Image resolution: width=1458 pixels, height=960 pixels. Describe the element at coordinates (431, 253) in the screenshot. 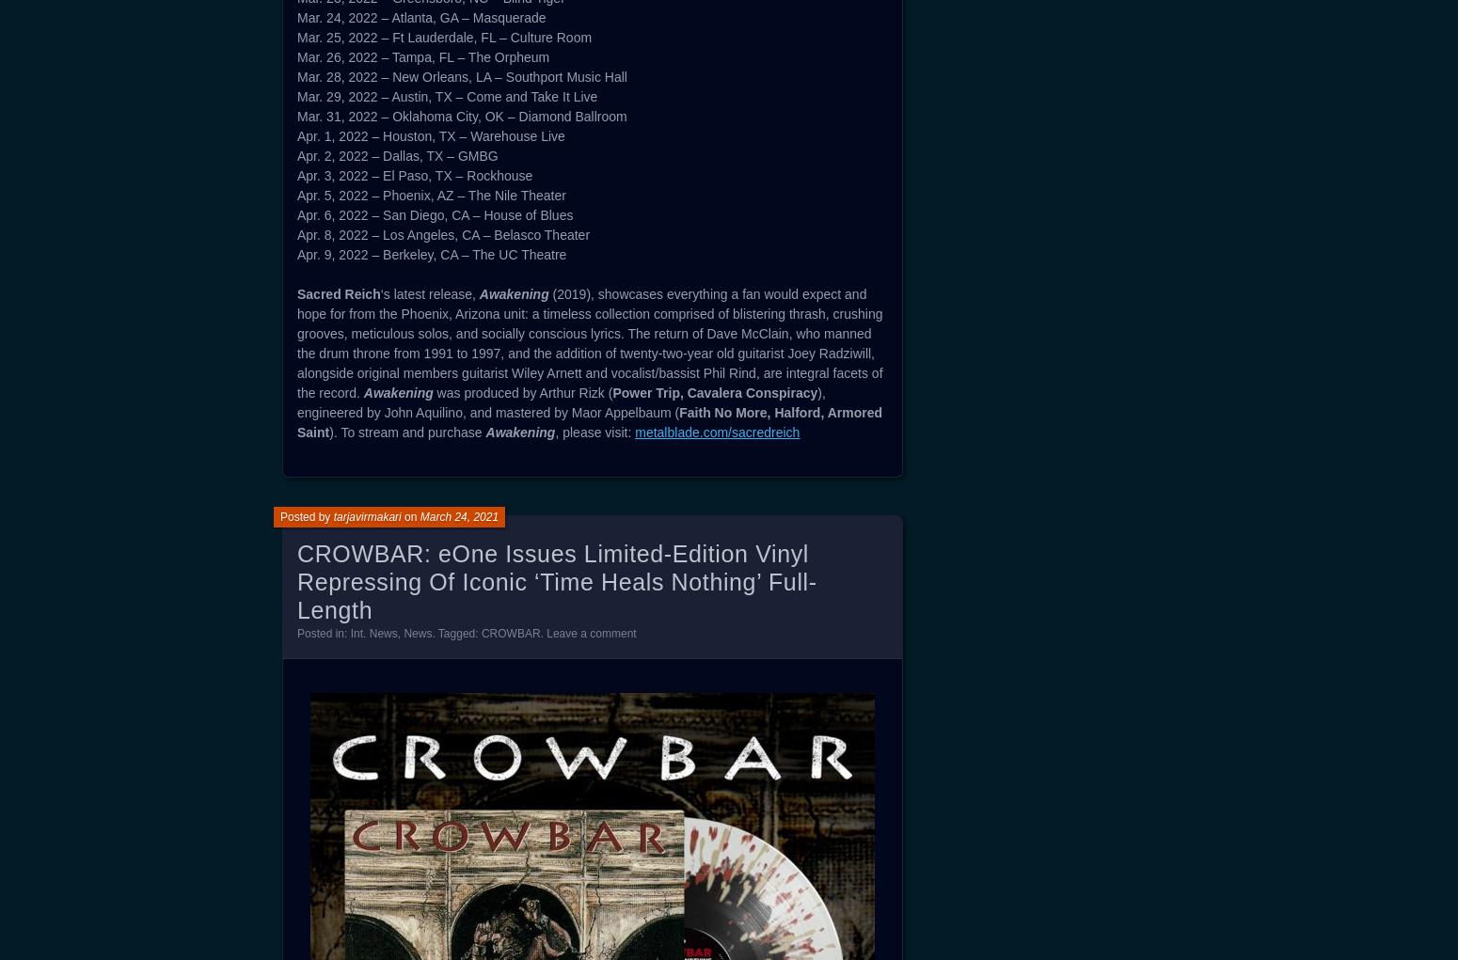

I see `'Apr. 9, 2022 – Berkeley, CA – The UC Theatre'` at that location.